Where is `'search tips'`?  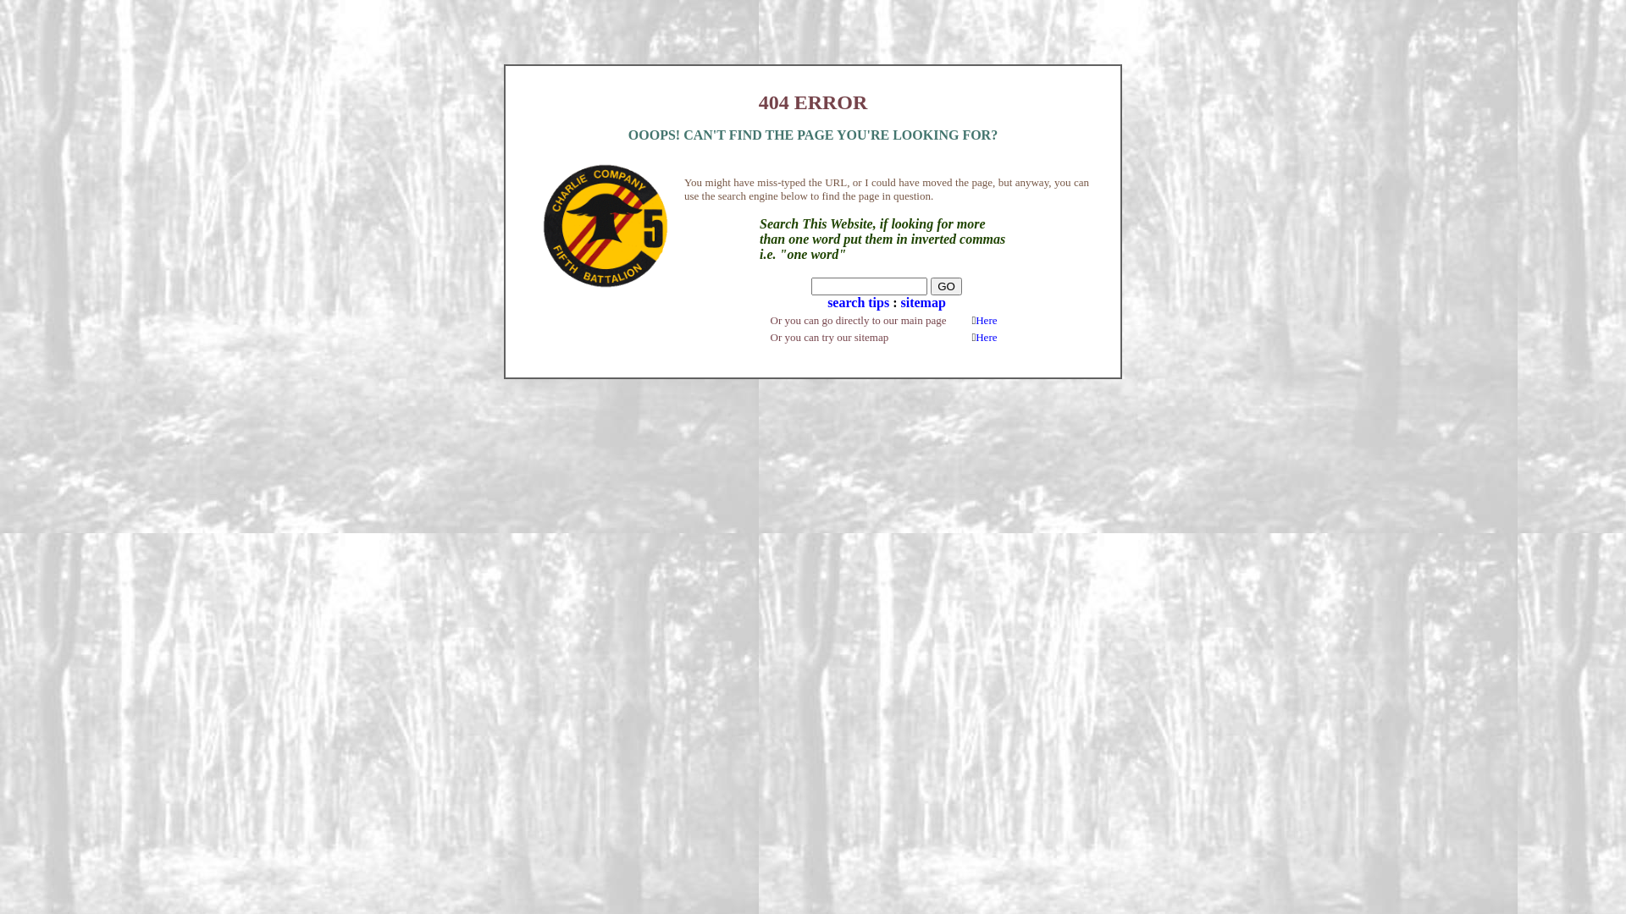 'search tips' is located at coordinates (858, 301).